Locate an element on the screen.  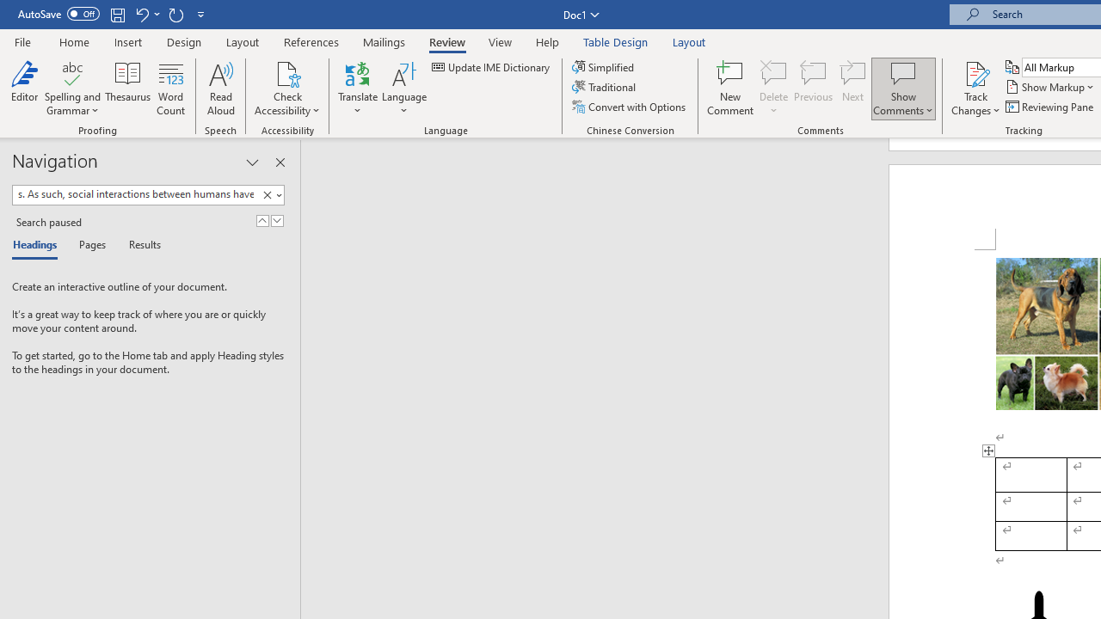
'Repeat Style' is located at coordinates (175, 14).